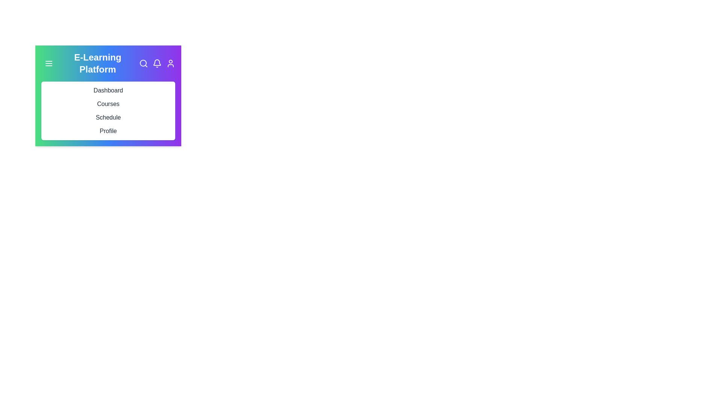 The image size is (722, 406). Describe the element at coordinates (170, 63) in the screenshot. I see `the user icon to access the user profile` at that location.